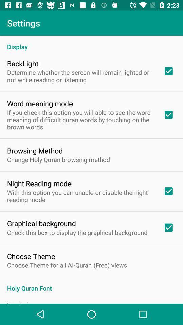  What do you see at coordinates (23, 63) in the screenshot?
I see `backlight icon` at bounding box center [23, 63].